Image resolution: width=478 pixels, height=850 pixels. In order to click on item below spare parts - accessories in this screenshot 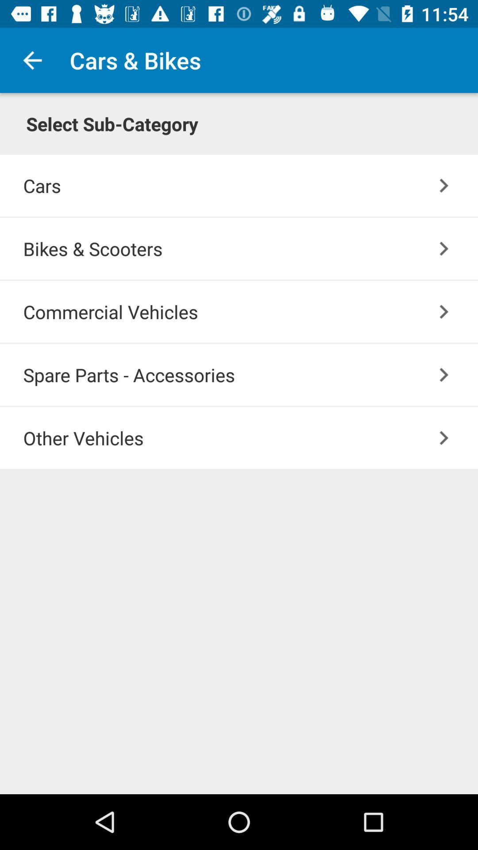, I will do `click(251, 438)`.